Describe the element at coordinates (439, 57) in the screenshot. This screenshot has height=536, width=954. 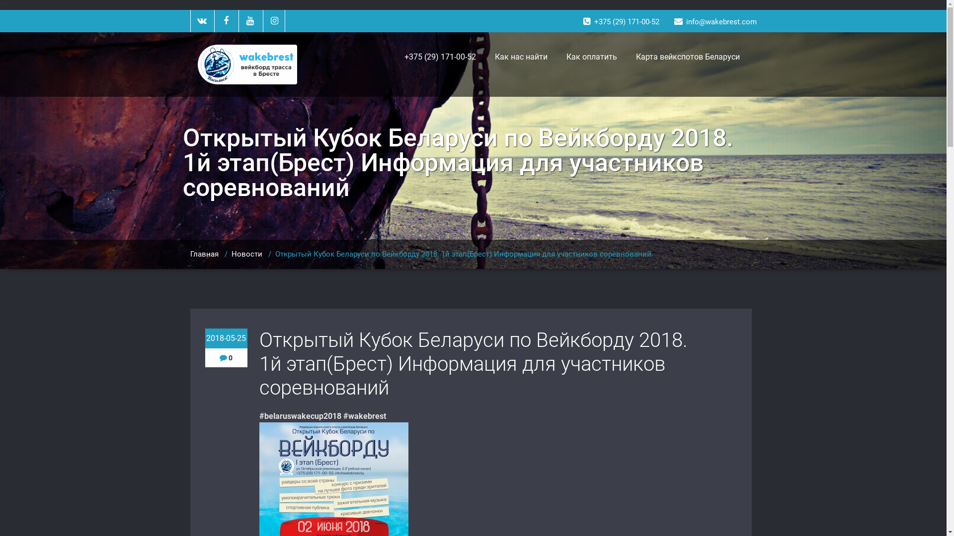
I see `'+375 (29) 171-00-52'` at that location.